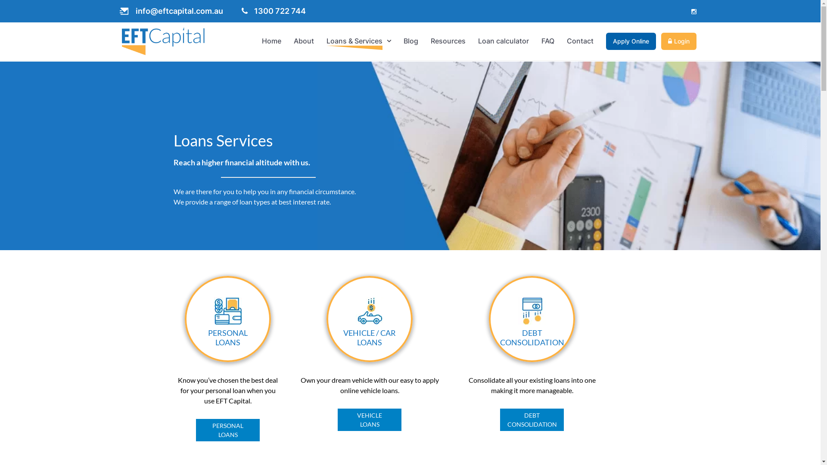  Describe the element at coordinates (678, 41) in the screenshot. I see `'Login'` at that location.